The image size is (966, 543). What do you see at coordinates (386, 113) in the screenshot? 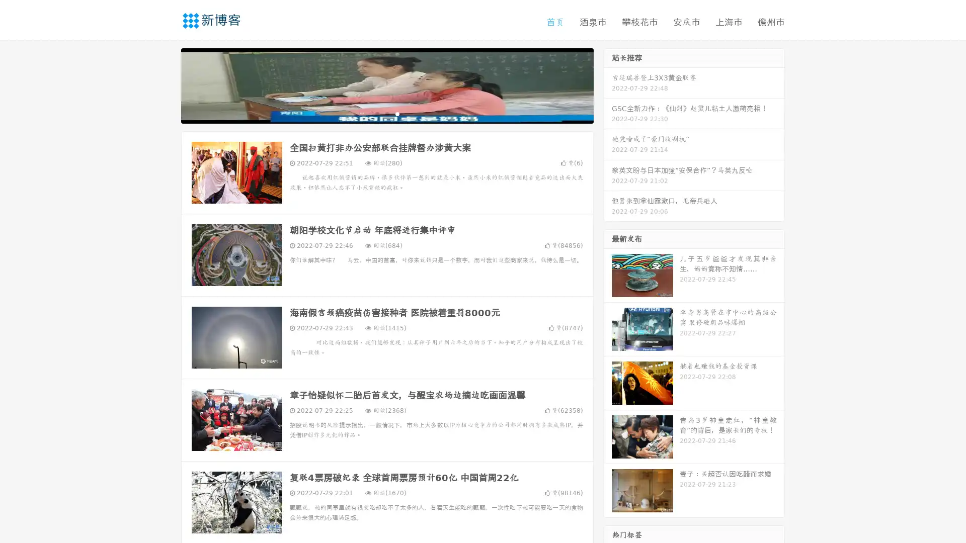
I see `Go to slide 2` at bounding box center [386, 113].